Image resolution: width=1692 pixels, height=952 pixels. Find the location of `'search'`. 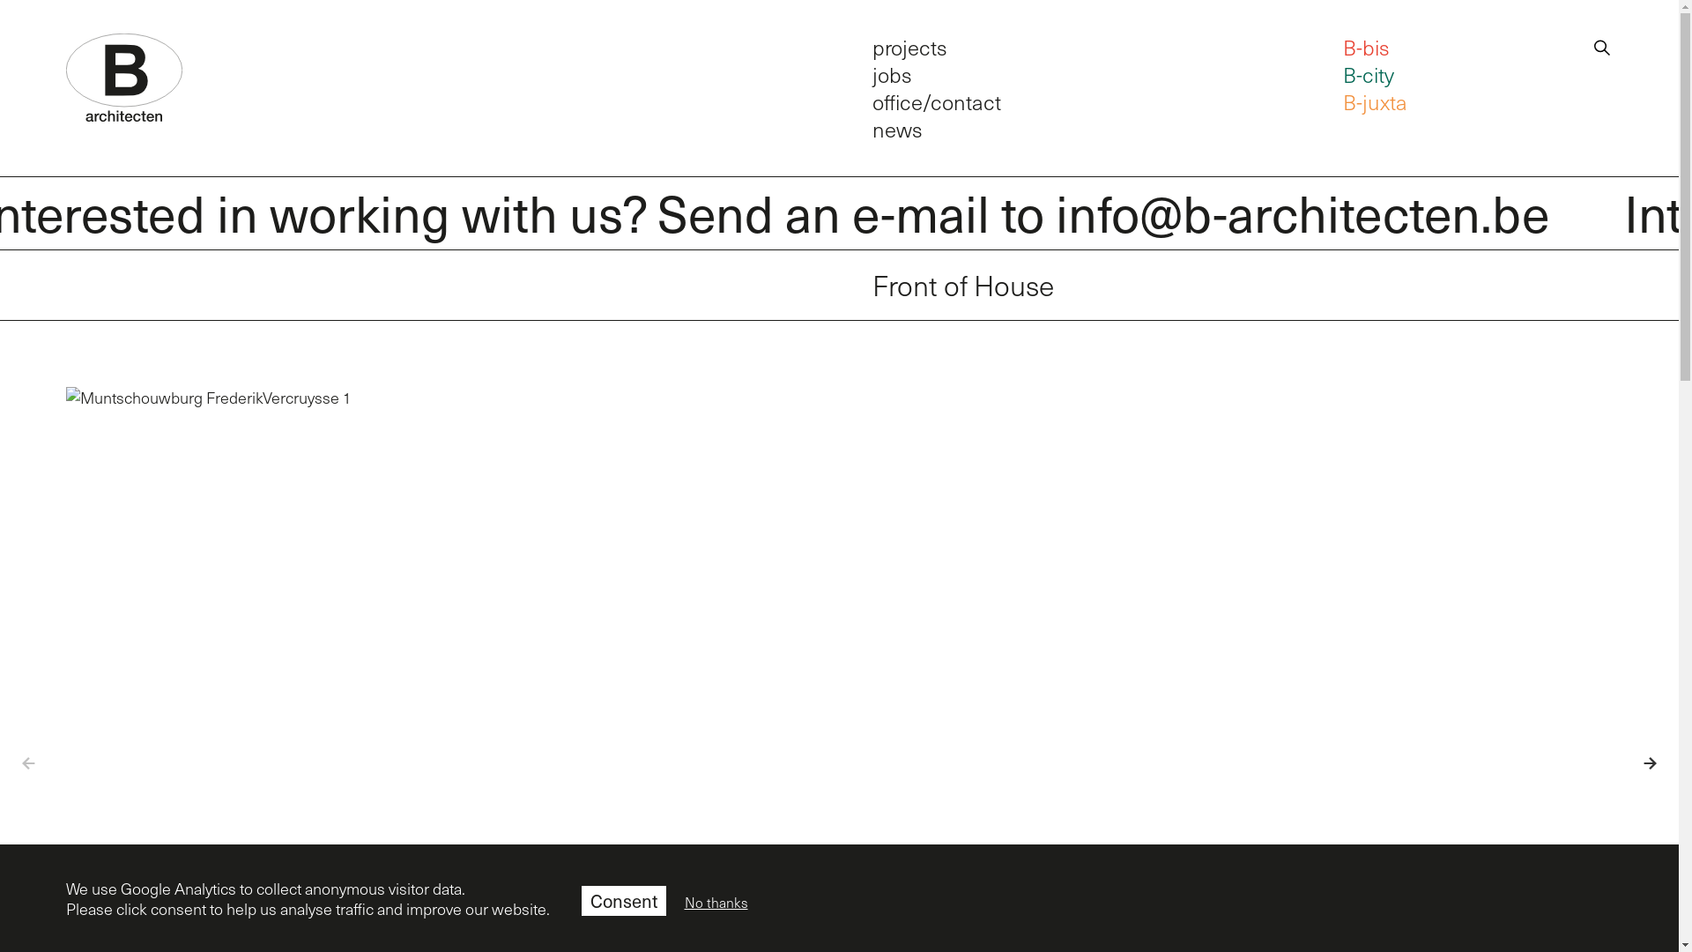

'search' is located at coordinates (1602, 43).